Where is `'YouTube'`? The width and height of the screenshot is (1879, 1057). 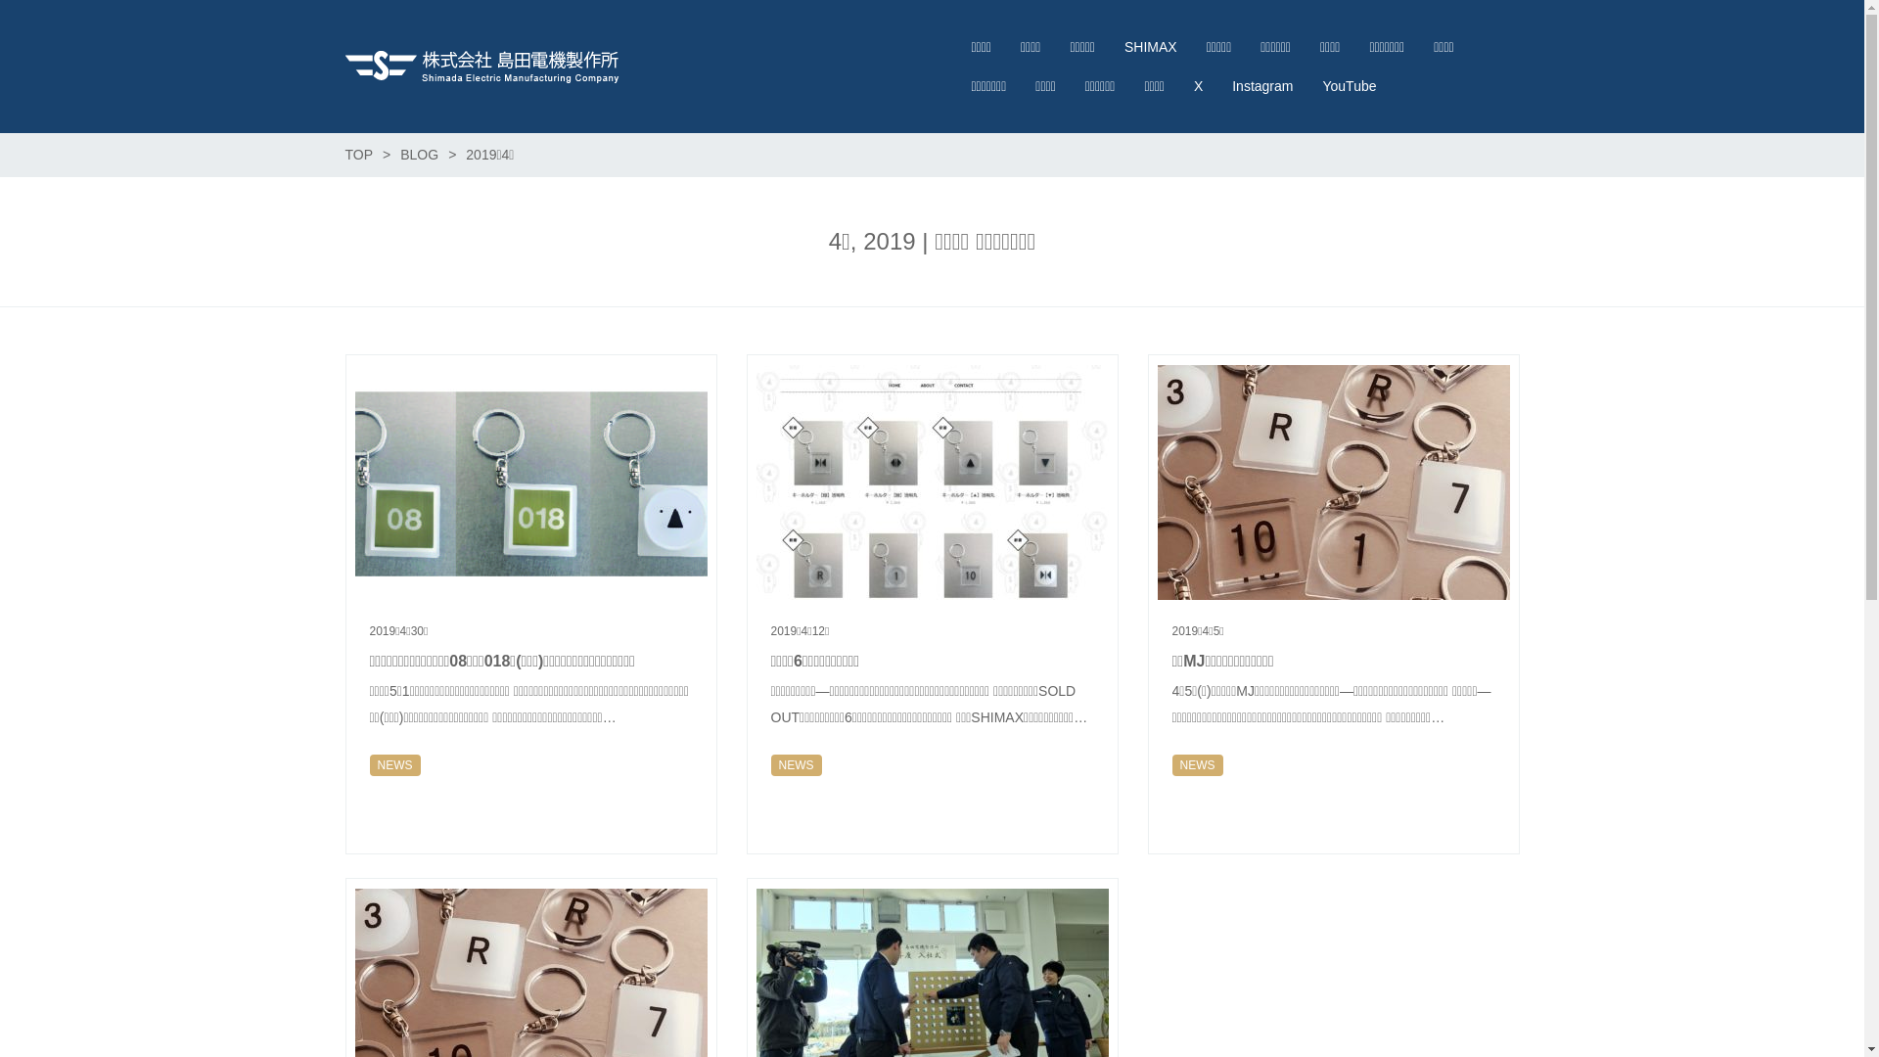
'YouTube' is located at coordinates (1306, 85).